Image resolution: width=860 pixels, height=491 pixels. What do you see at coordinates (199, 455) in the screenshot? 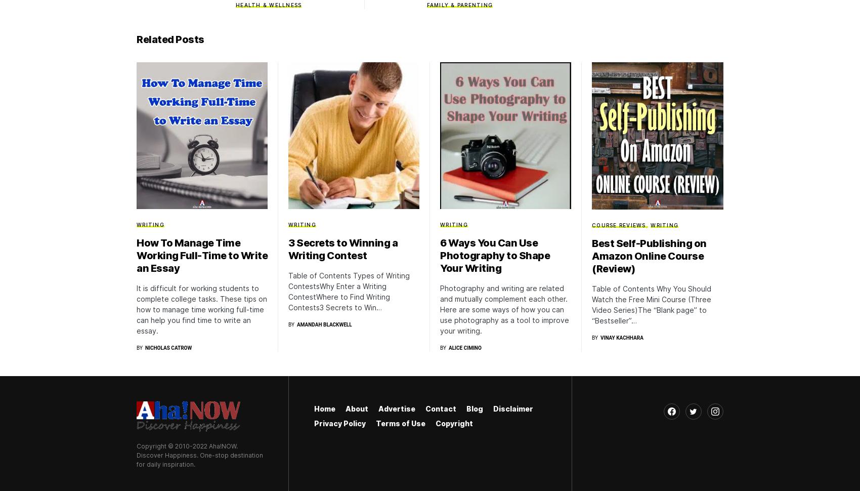
I see `'Copyright © 2010-2022 Aha!NOW. Discover Happiness. One-stop destination for daily inspiration.'` at bounding box center [199, 455].